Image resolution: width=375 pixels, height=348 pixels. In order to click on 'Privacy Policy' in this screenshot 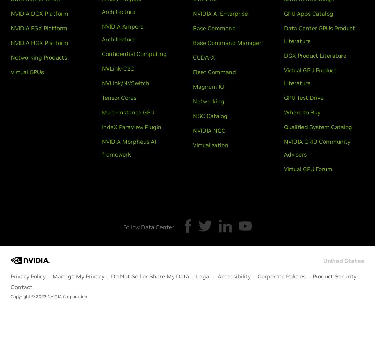, I will do `click(28, 276)`.